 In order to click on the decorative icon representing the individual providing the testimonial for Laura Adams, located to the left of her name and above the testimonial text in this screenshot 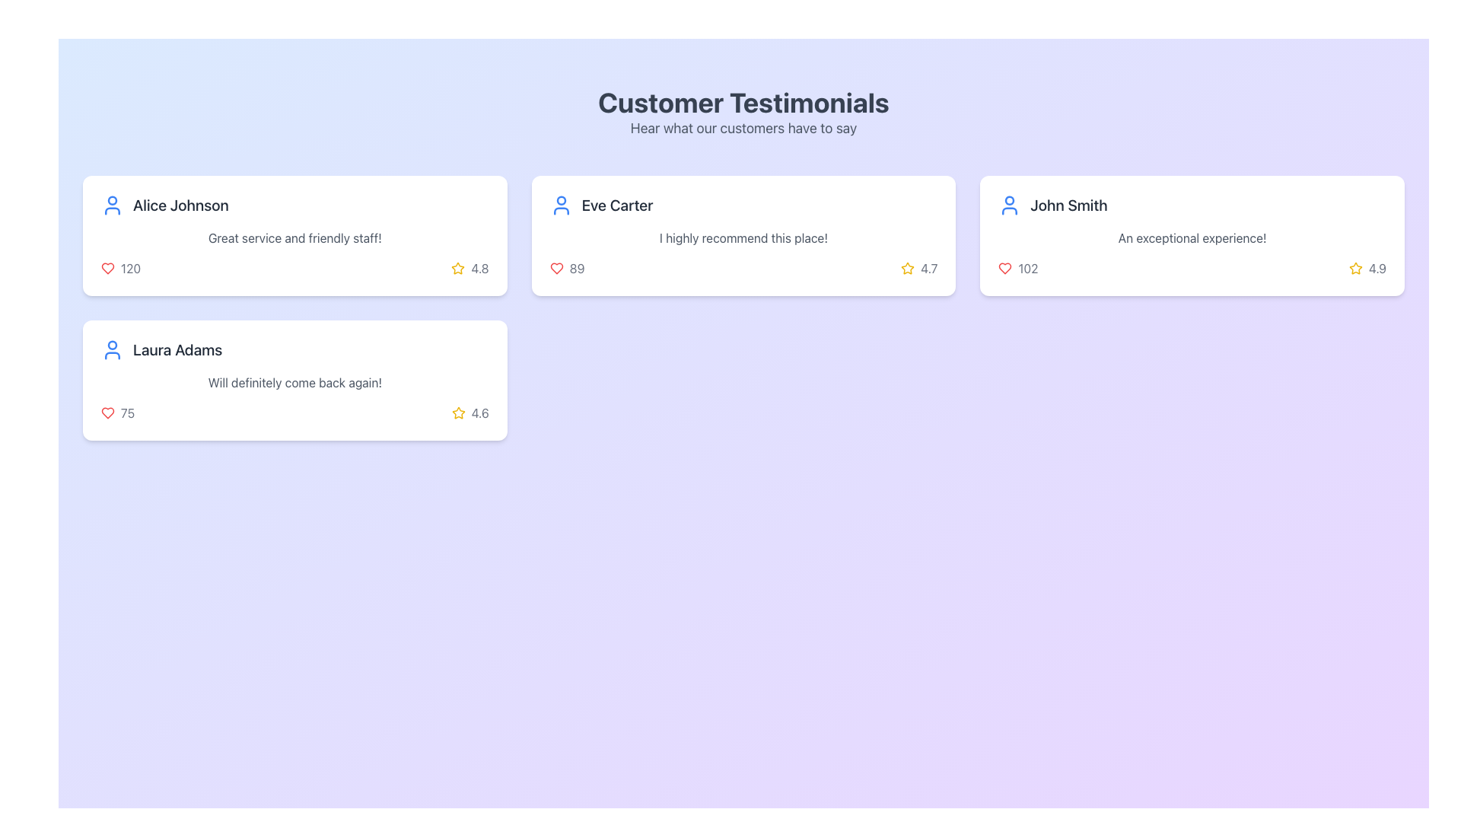, I will do `click(112, 349)`.